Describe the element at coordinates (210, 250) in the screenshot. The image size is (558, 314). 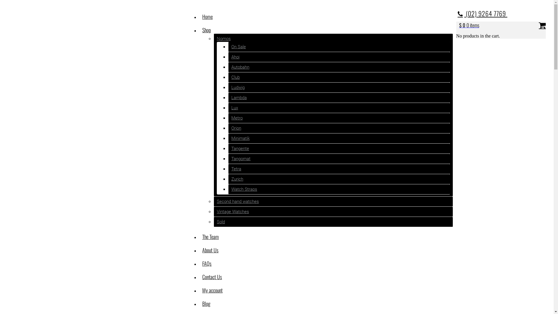
I see `'About Us'` at that location.